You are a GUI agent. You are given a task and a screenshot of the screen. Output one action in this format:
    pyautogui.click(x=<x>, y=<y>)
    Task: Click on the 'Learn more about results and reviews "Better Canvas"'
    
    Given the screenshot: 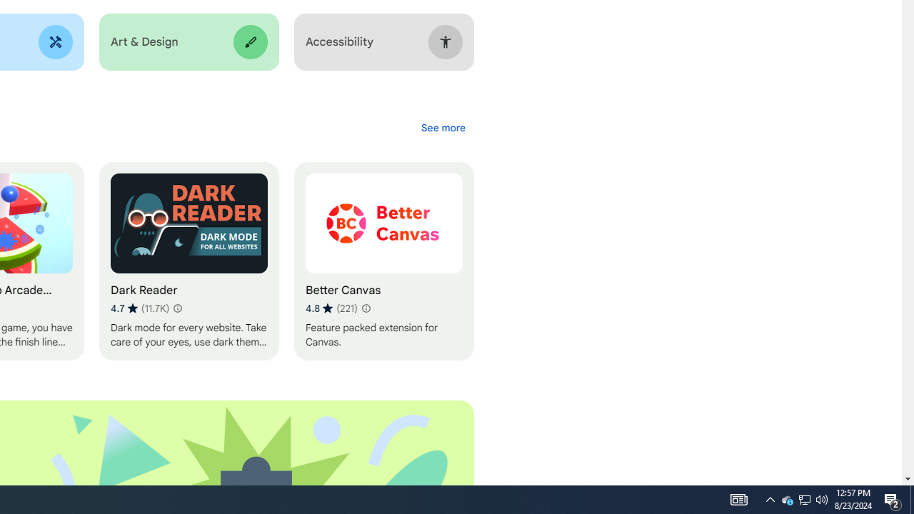 What is the action you would take?
    pyautogui.click(x=366, y=308)
    